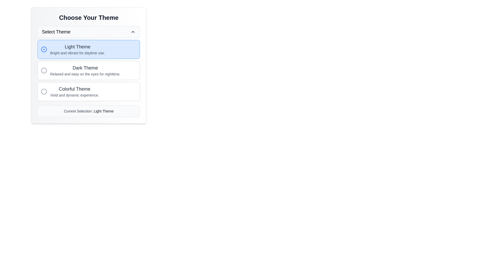 This screenshot has width=494, height=278. Describe the element at coordinates (103, 111) in the screenshot. I see `the static text element displaying 'Light Theme' within the thematic chooser interface, which is part of the phrase 'Current Selection: Light Theme'` at that location.